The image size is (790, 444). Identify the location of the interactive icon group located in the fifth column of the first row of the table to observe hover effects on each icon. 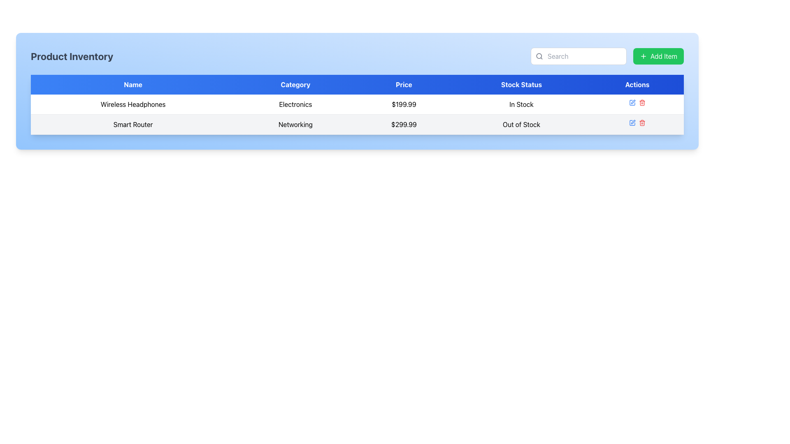
(637, 102).